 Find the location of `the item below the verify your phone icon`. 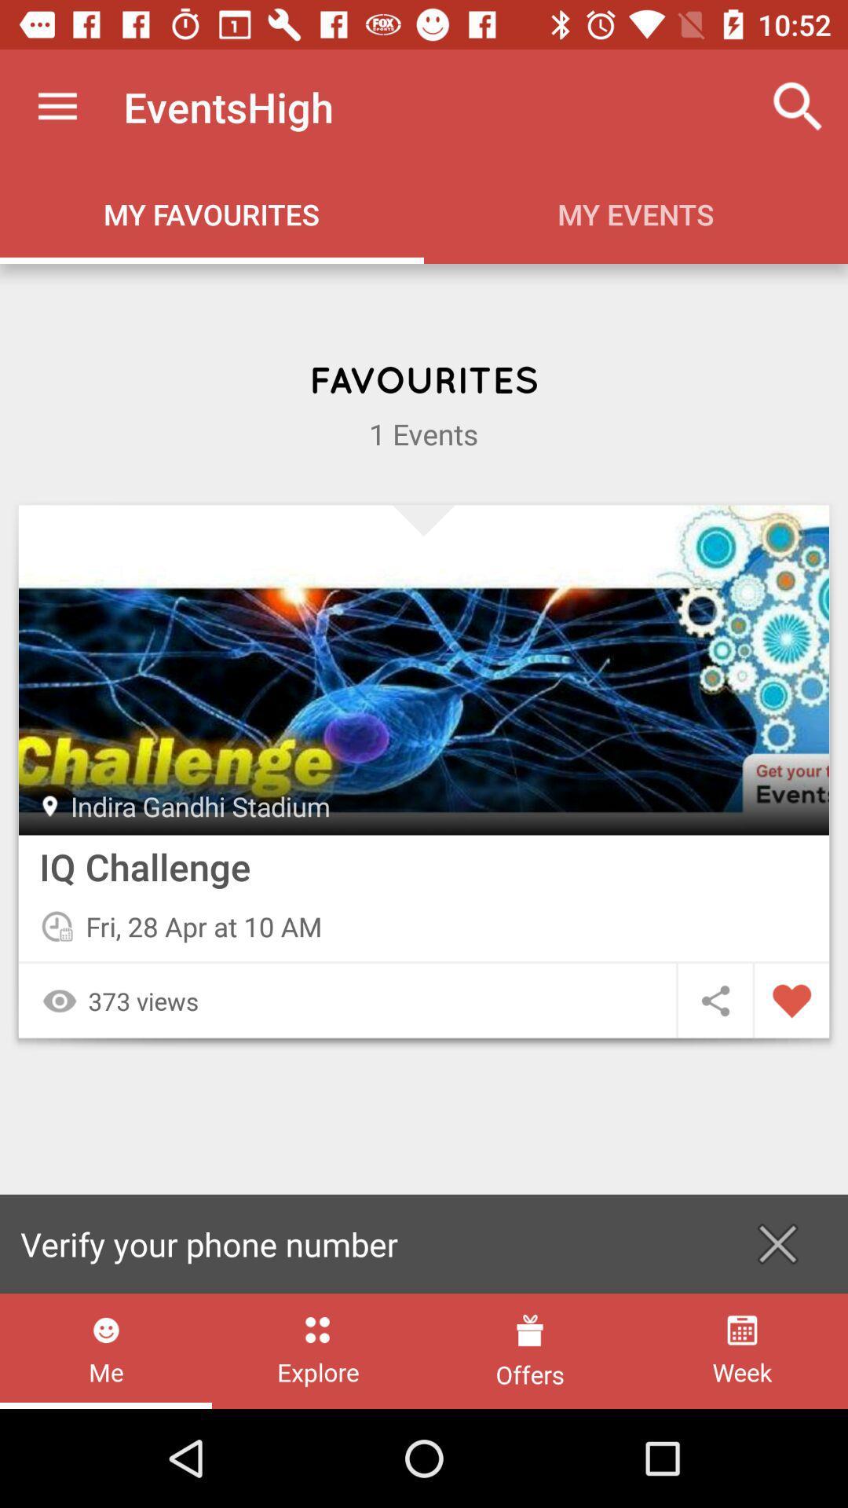

the item below the verify your phone icon is located at coordinates (106, 1350).